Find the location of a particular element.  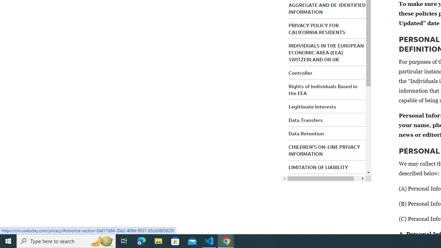

'Data Retention' is located at coordinates (306, 133).